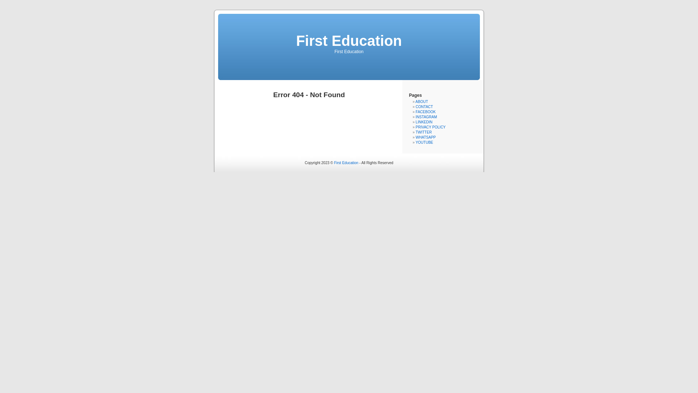 This screenshot has height=393, width=698. Describe the element at coordinates (430, 127) in the screenshot. I see `'PRIVACY POLICY'` at that location.